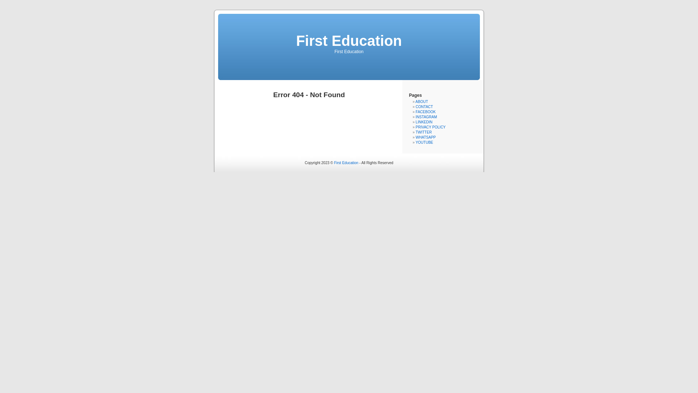 This screenshot has height=393, width=698. Describe the element at coordinates (430, 127) in the screenshot. I see `'PRIVACY POLICY'` at that location.